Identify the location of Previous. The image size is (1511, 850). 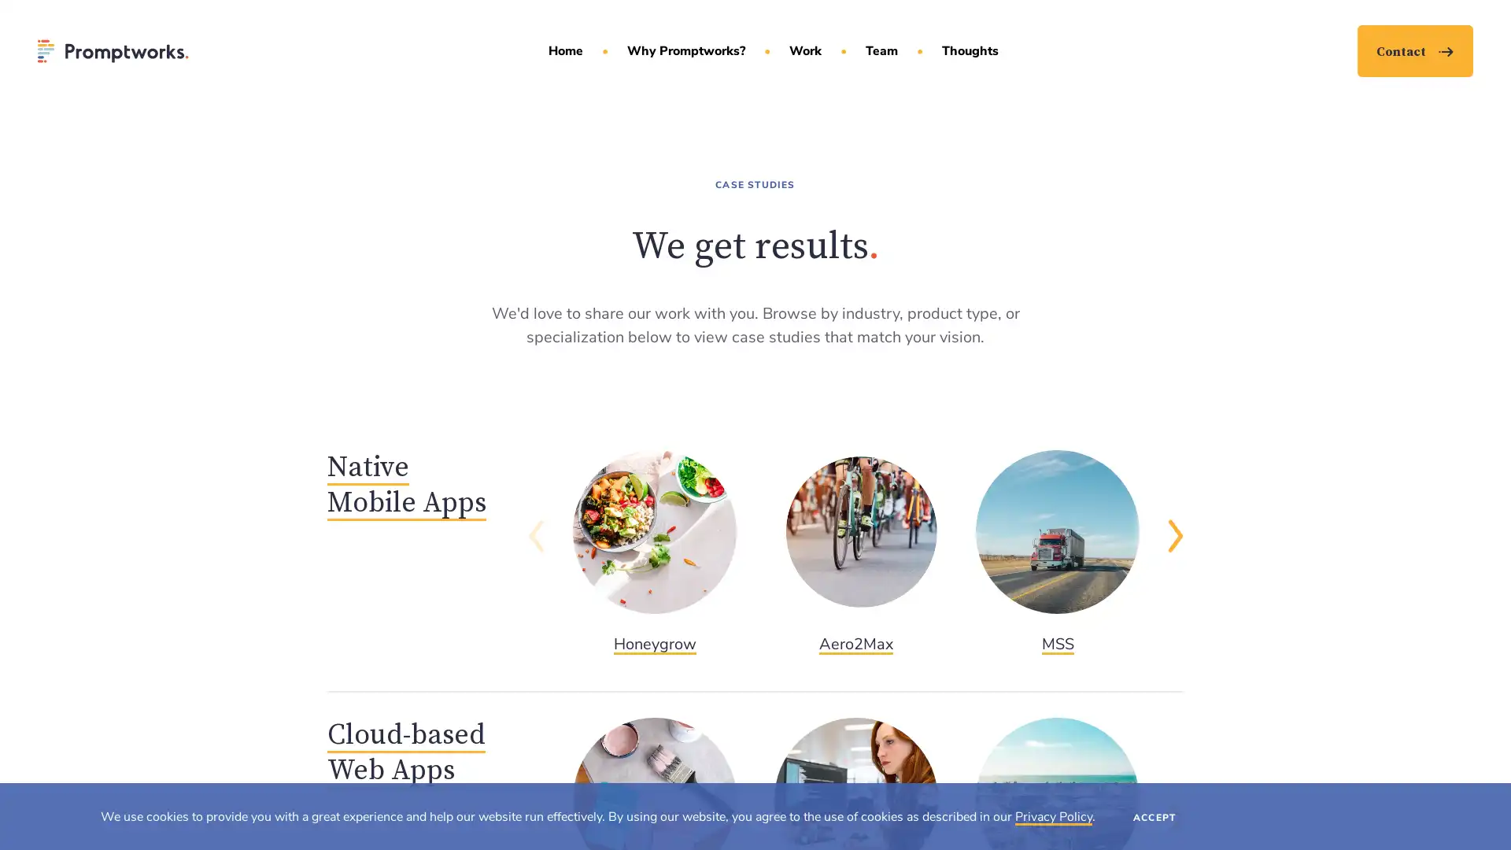
(536, 816).